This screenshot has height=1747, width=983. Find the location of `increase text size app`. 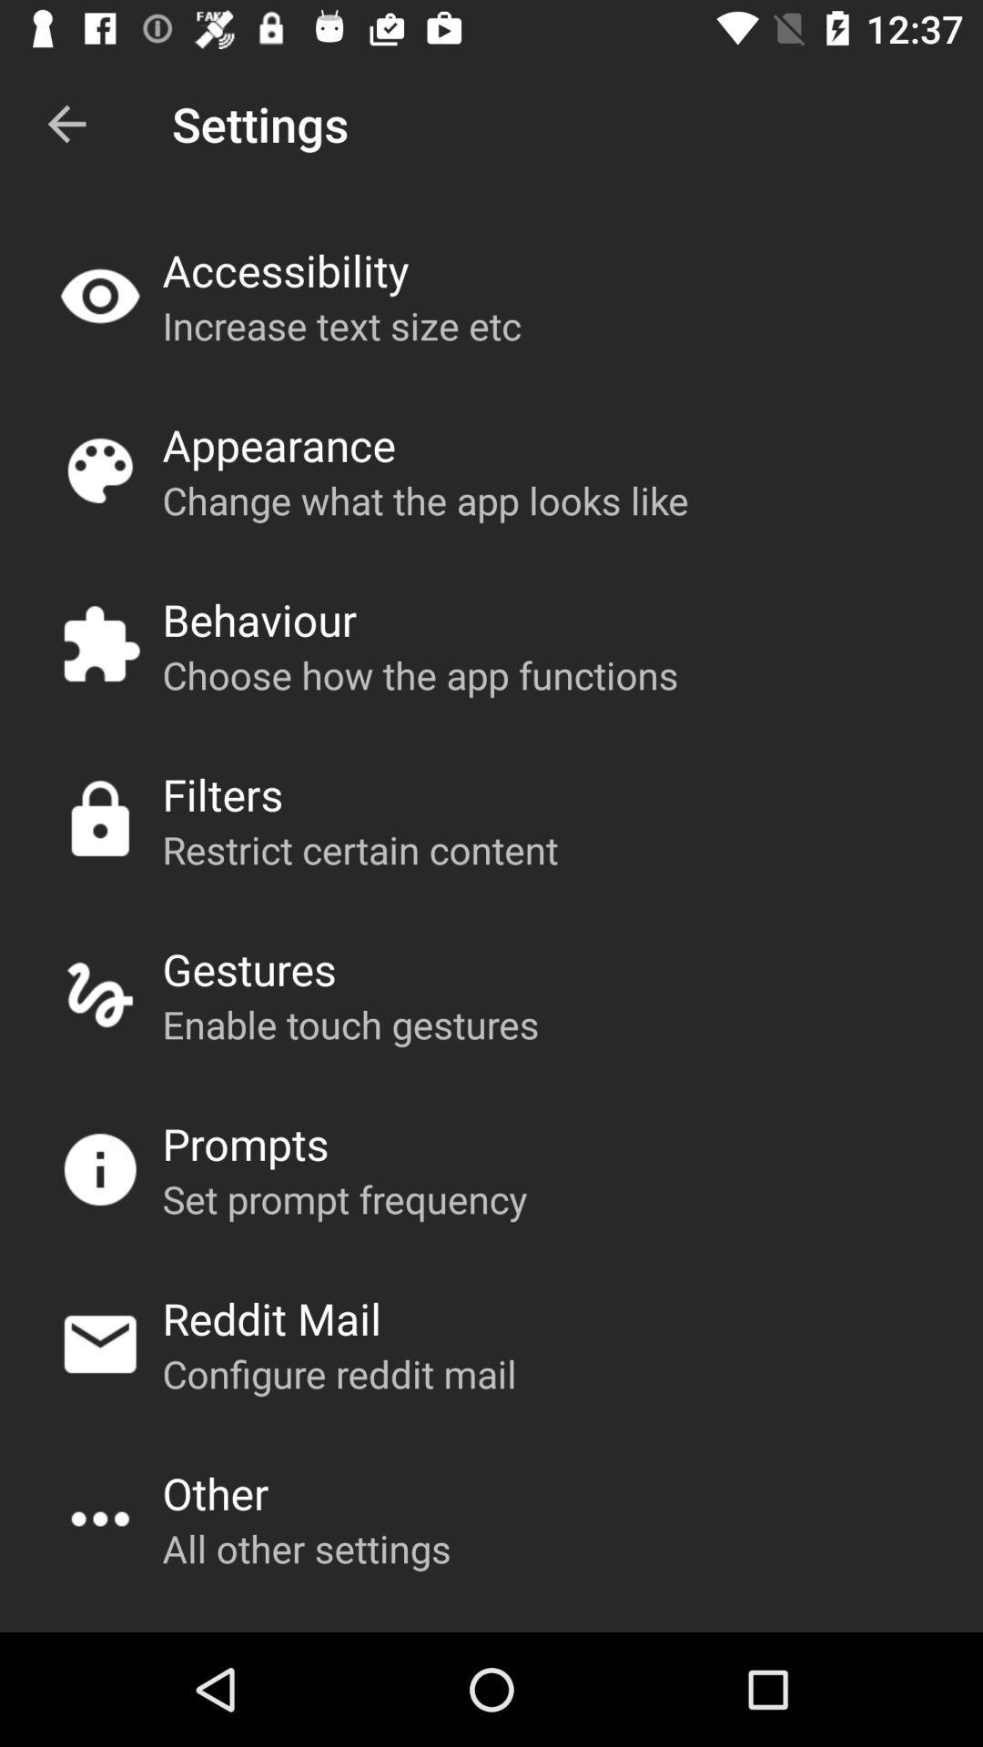

increase text size app is located at coordinates (341, 325).